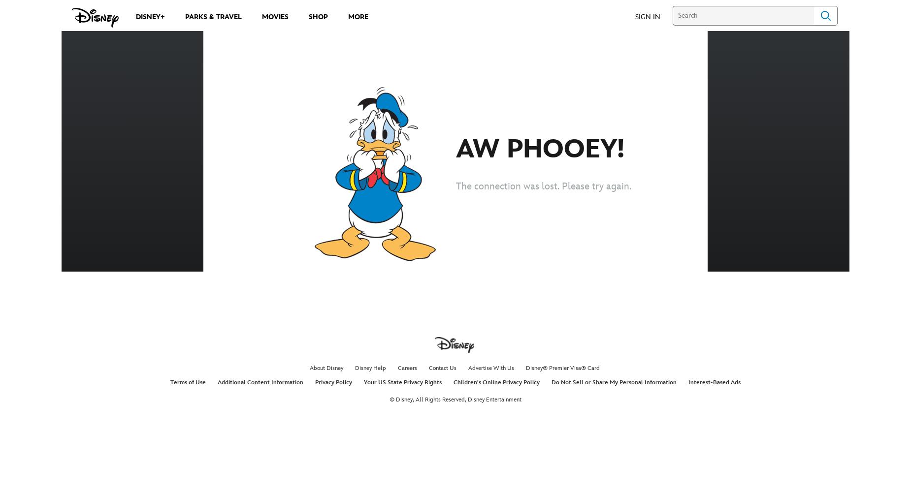 This screenshot has height=492, width=911. What do you see at coordinates (275, 17) in the screenshot?
I see `'Movies'` at bounding box center [275, 17].